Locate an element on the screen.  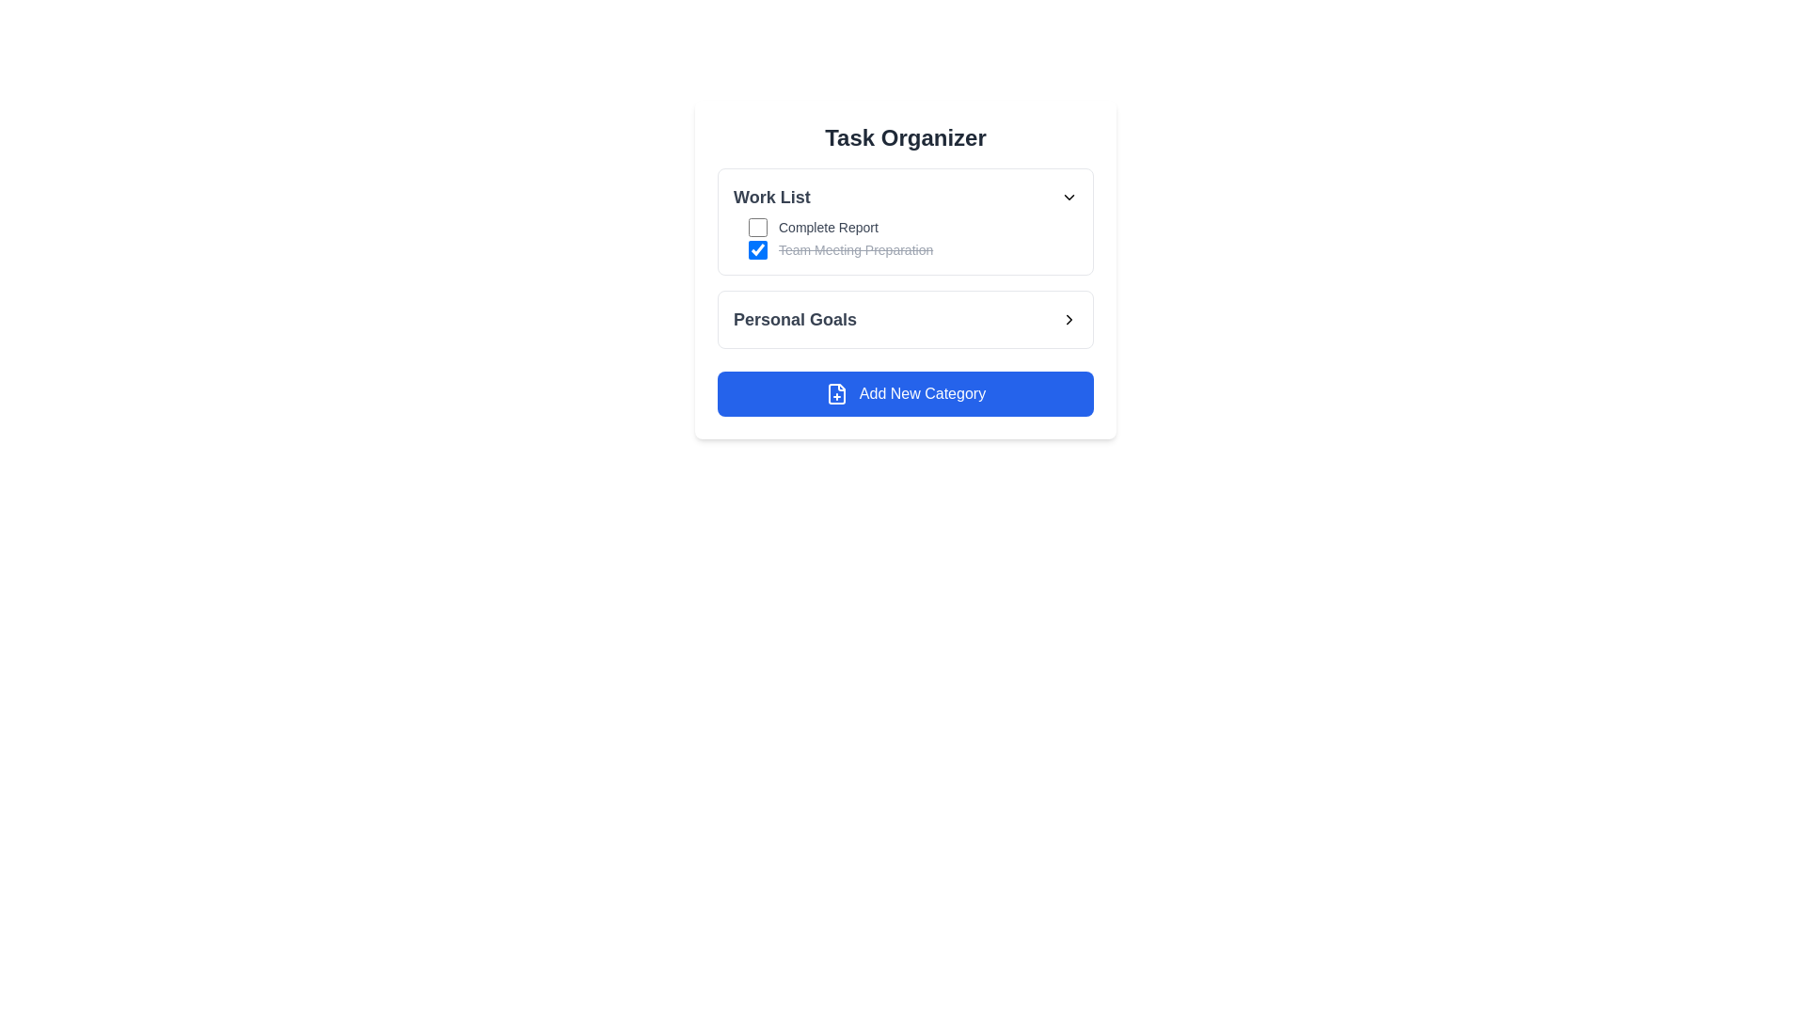
the List with action items and checkable elements is located at coordinates (906, 258).